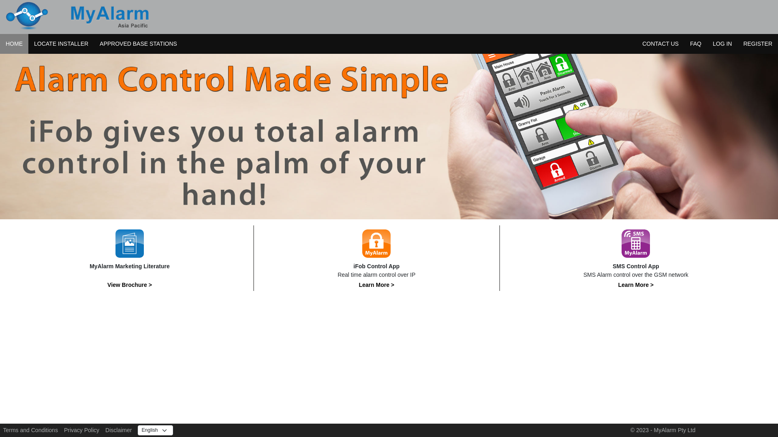  I want to click on 'Disclaimer', so click(105, 430).